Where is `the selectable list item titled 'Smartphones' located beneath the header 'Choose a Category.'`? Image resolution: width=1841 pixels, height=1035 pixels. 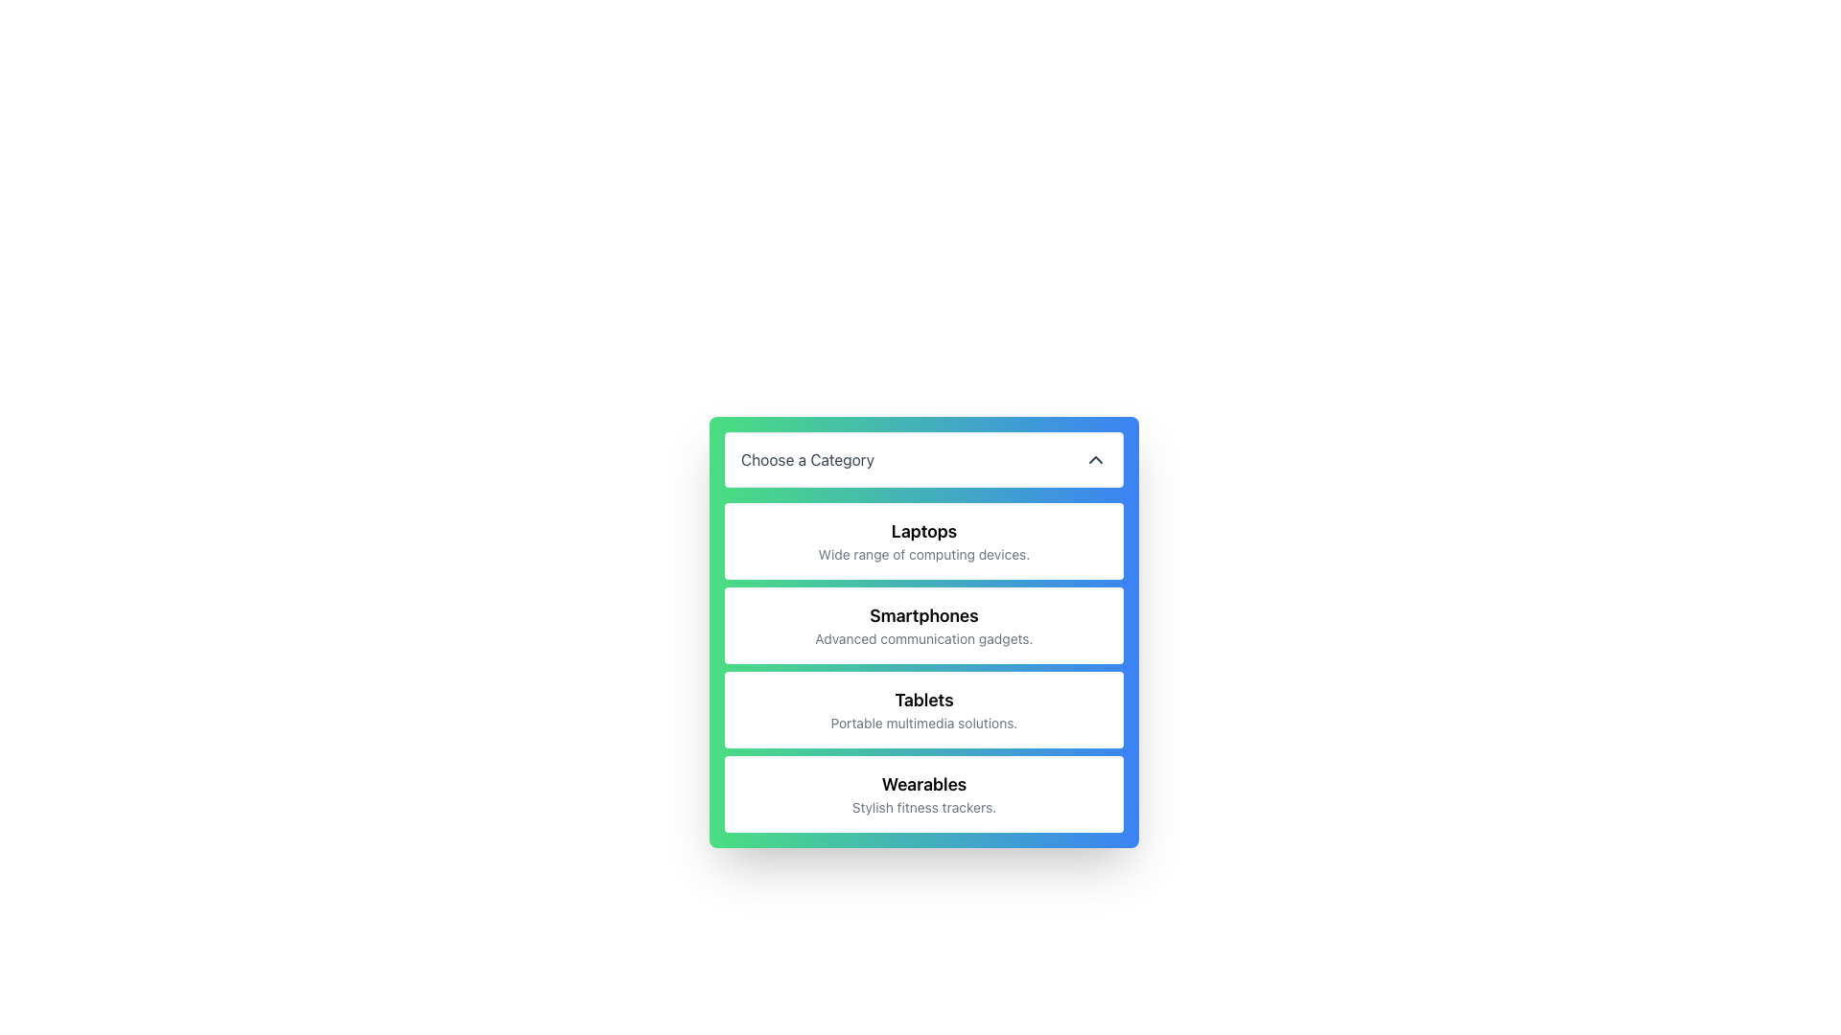
the selectable list item titled 'Smartphones' located beneath the header 'Choose a Category.' is located at coordinates (924, 667).